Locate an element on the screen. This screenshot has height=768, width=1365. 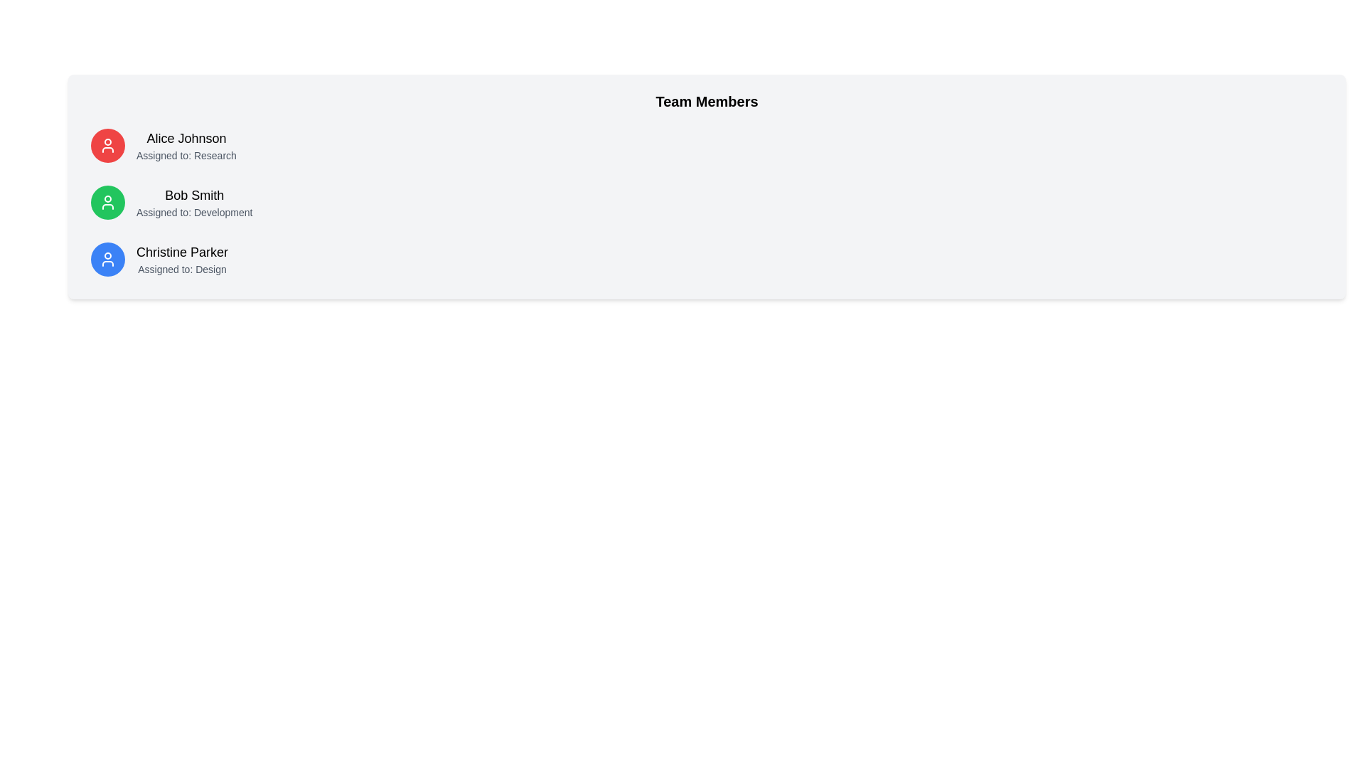
the circular blue button with a user symbol, located in the third row of the team members list next to 'Christine Parker' is located at coordinates (107, 260).